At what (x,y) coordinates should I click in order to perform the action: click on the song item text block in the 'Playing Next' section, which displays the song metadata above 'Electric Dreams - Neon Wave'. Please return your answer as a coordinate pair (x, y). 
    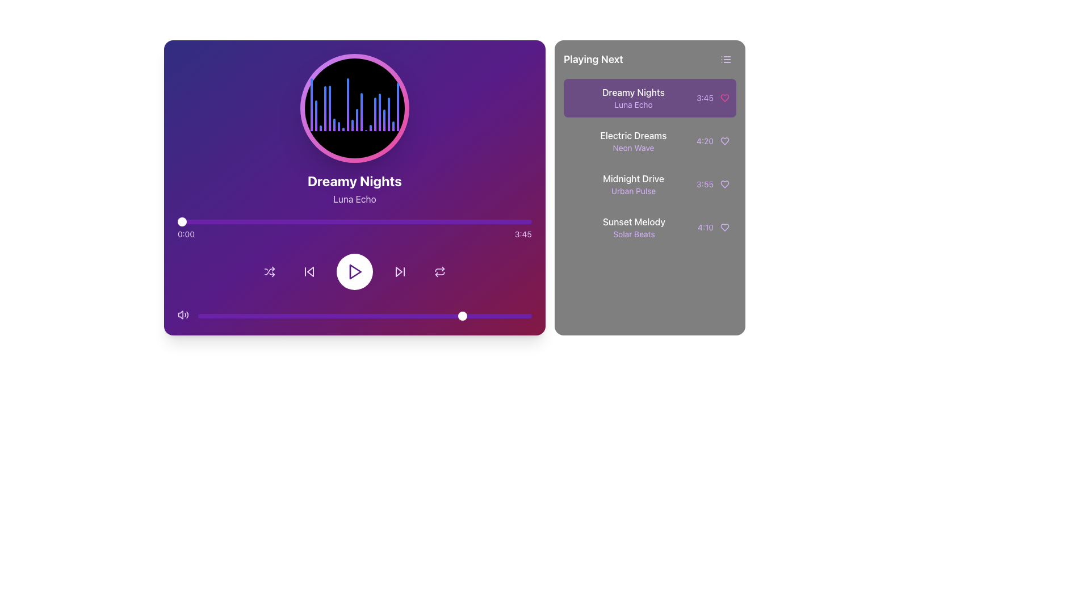
    Looking at the image, I should click on (632, 98).